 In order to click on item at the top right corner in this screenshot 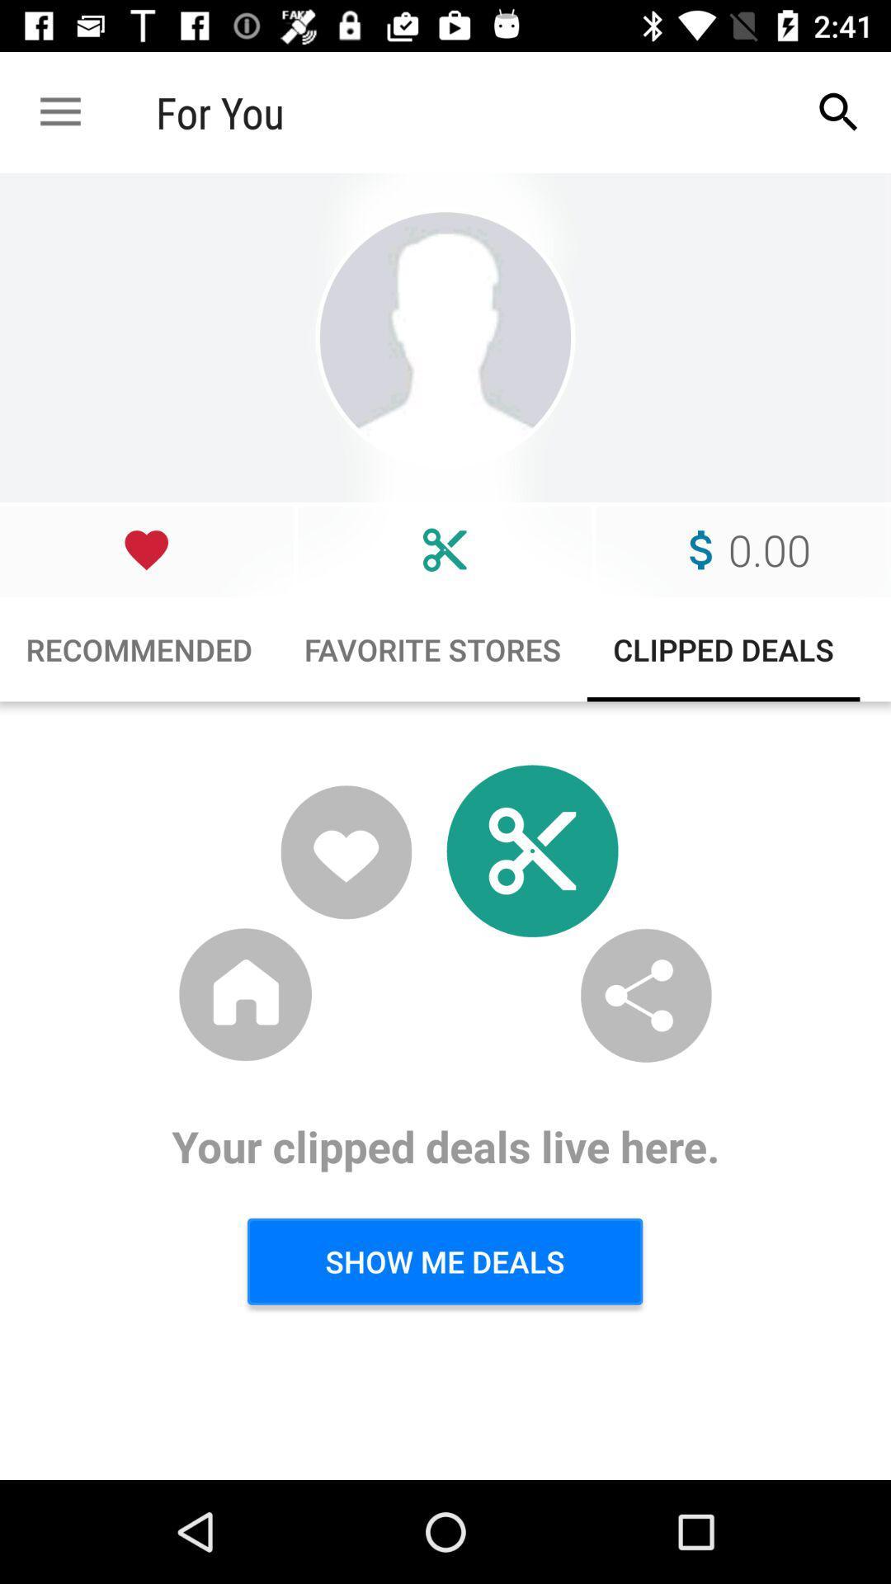, I will do `click(839, 111)`.